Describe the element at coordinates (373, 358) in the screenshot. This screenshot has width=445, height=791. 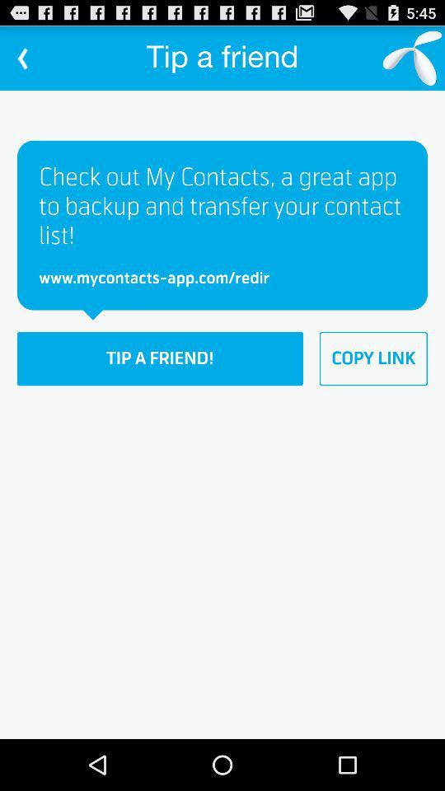
I see `the copy link item` at that location.